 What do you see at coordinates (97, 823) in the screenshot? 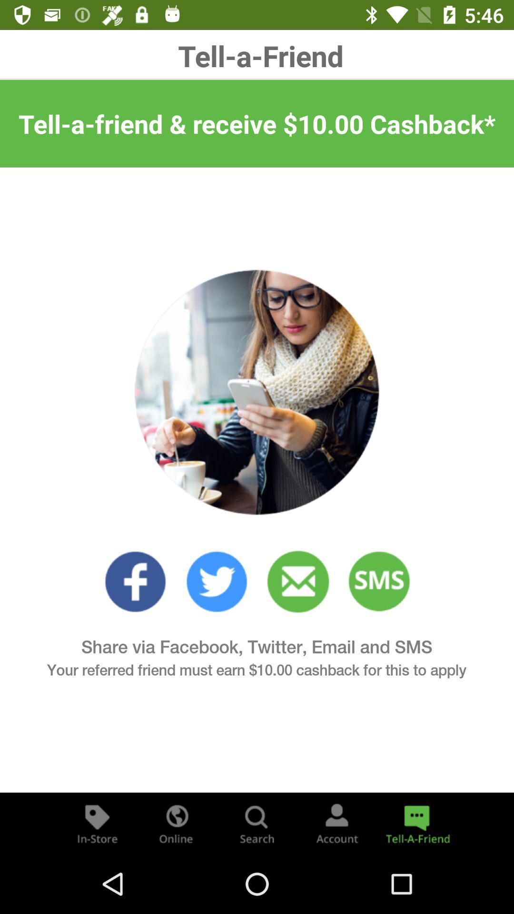
I see `in side store the app` at bounding box center [97, 823].